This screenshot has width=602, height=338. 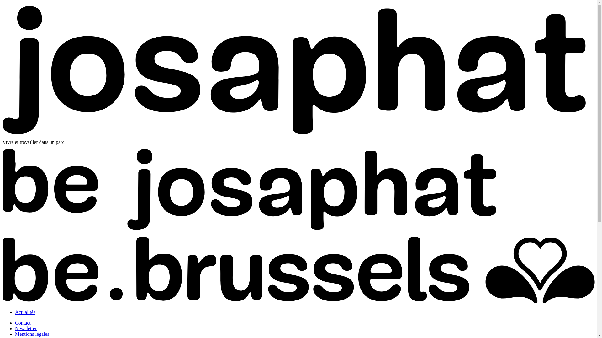 I want to click on 'Newsletter', so click(x=25, y=328).